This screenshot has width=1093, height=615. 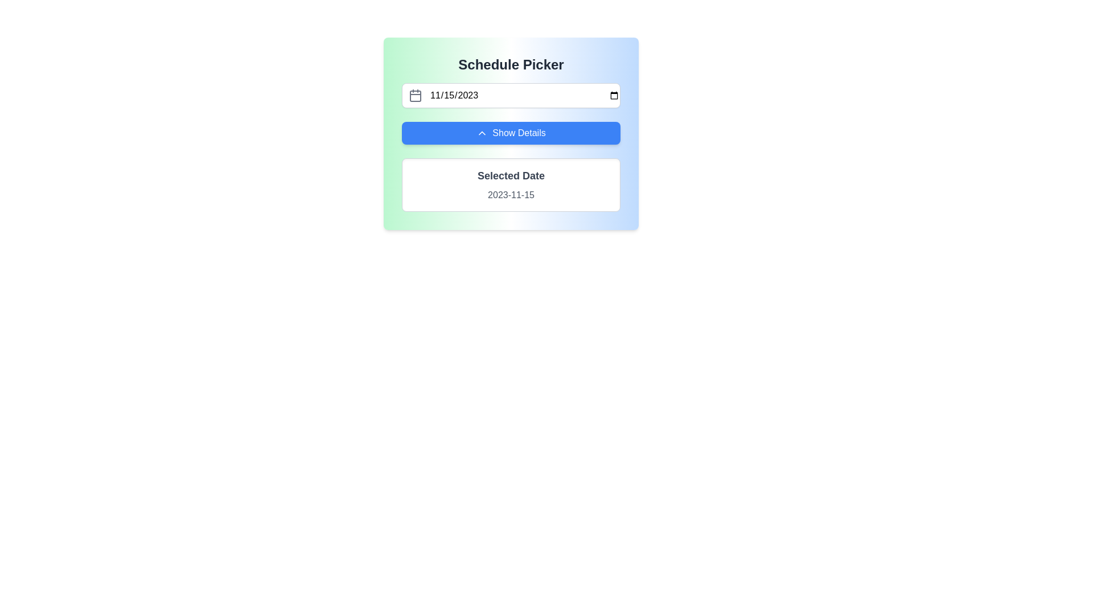 I want to click on the date-picker icon located to the left of the placeholder text '11/15/2023' in the Schedule Picker widget, so click(x=414, y=95).